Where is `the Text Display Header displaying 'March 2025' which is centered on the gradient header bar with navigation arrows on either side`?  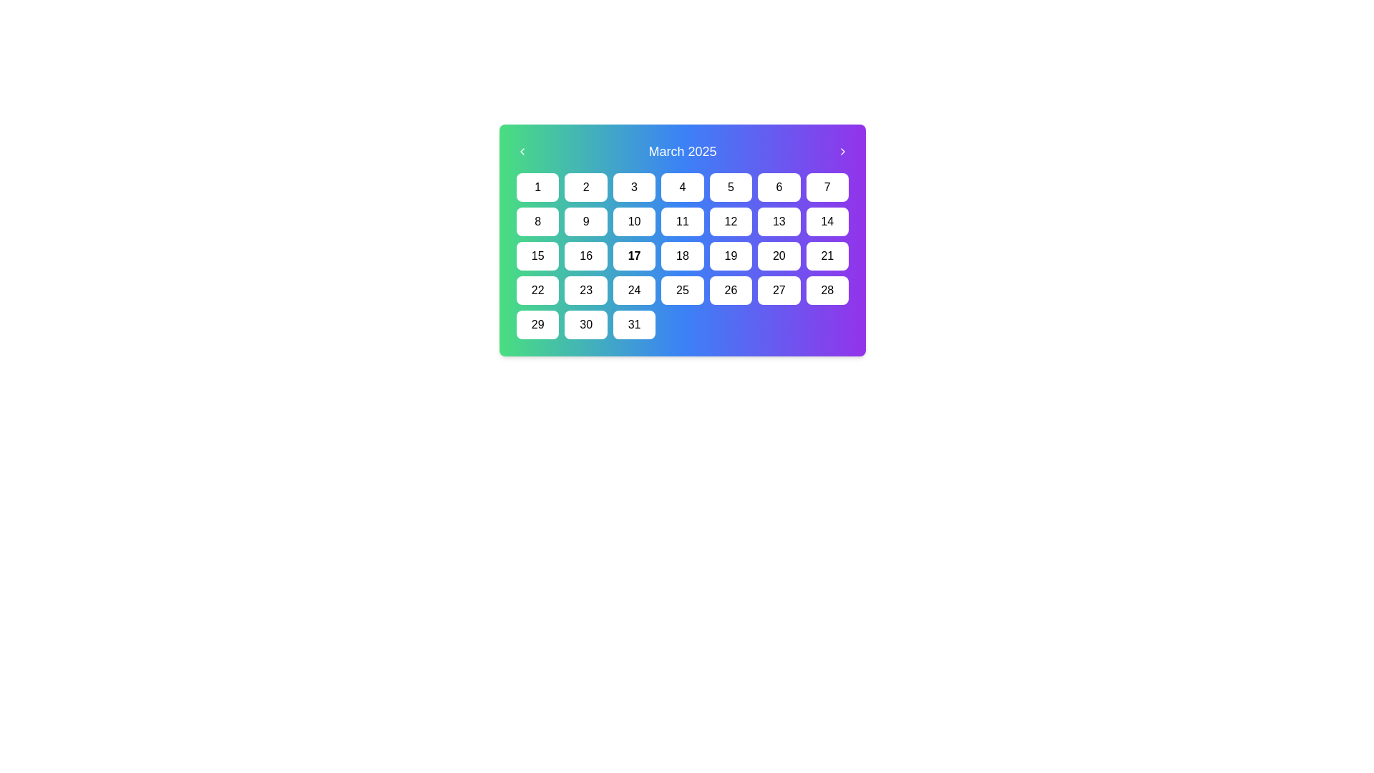 the Text Display Header displaying 'March 2025' which is centered on the gradient header bar with navigation arrows on either side is located at coordinates (682, 152).